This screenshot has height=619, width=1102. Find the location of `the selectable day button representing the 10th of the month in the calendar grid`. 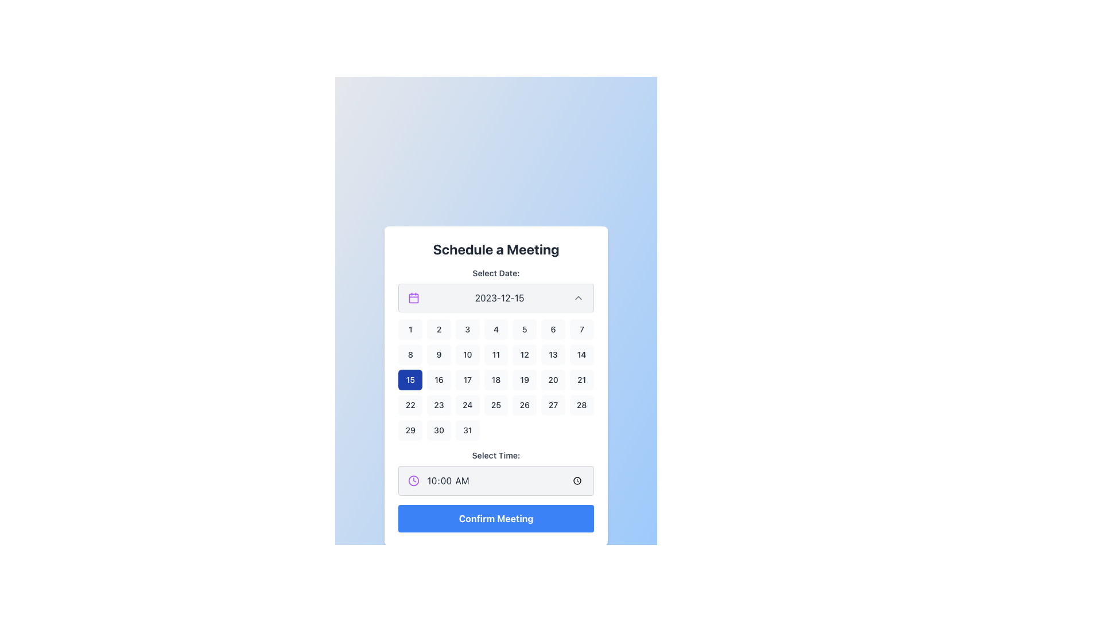

the selectable day button representing the 10th of the month in the calendar grid is located at coordinates (467, 354).